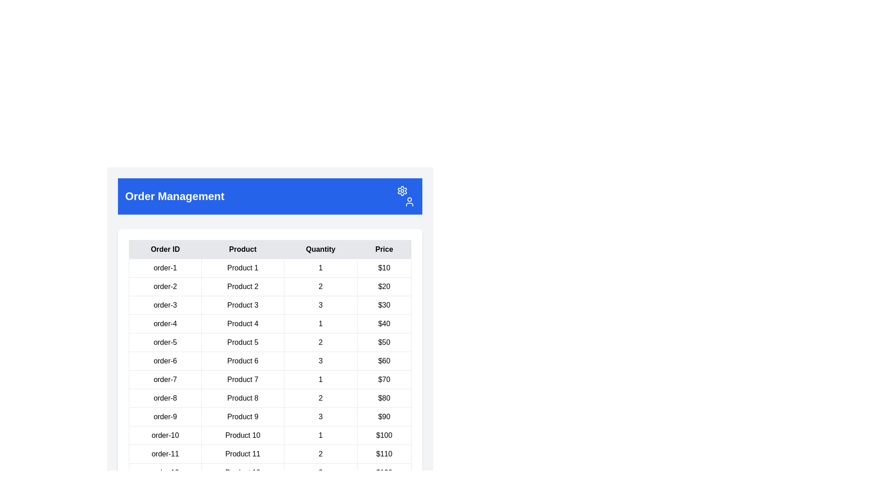 This screenshot has height=490, width=871. What do you see at coordinates (320, 305) in the screenshot?
I see `the quantity text for 'Product 3' in the 'order-3' line item of the table, which is the third cell in the 'Quantity' column` at bounding box center [320, 305].